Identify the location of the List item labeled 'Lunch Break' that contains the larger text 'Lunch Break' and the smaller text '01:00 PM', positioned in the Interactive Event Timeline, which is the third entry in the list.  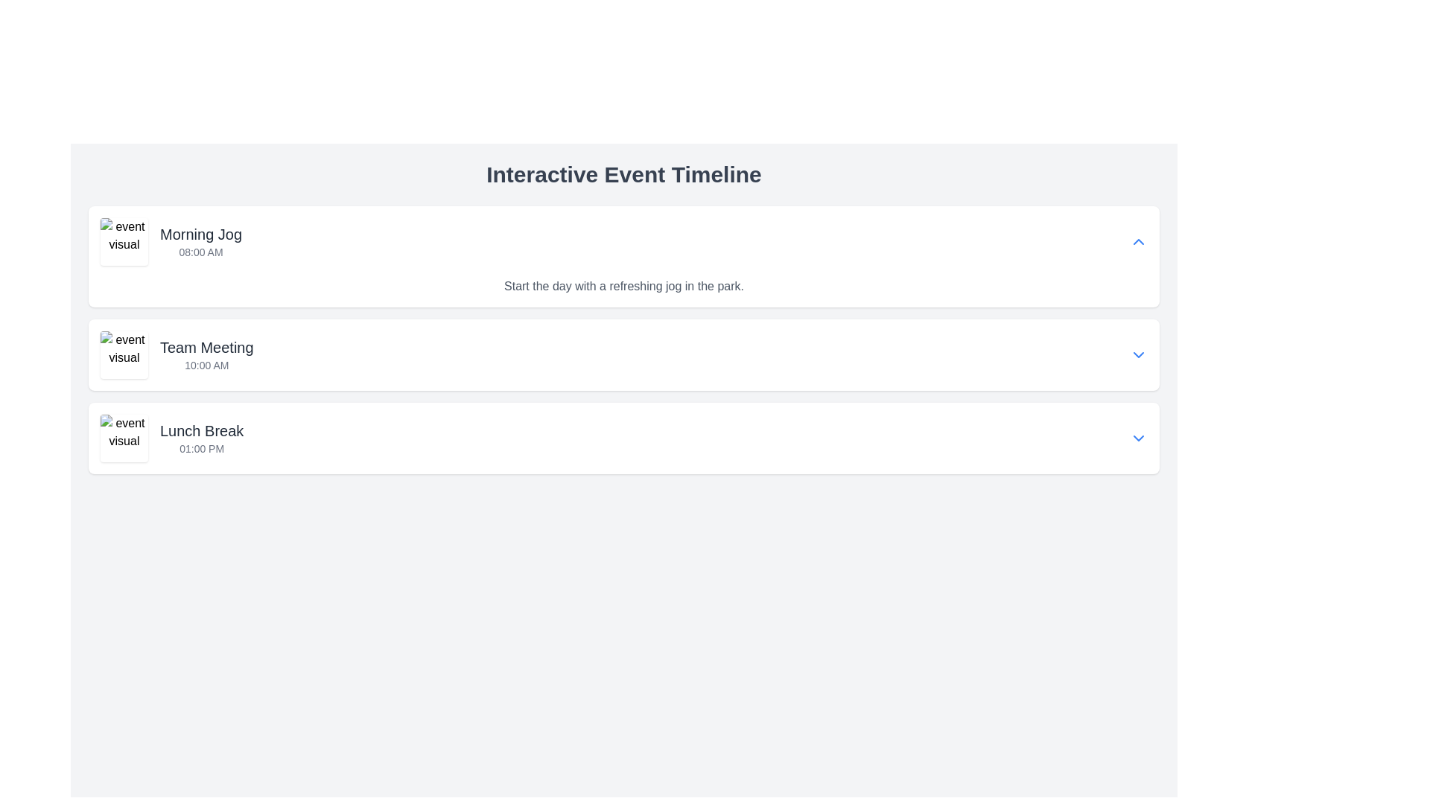
(172, 438).